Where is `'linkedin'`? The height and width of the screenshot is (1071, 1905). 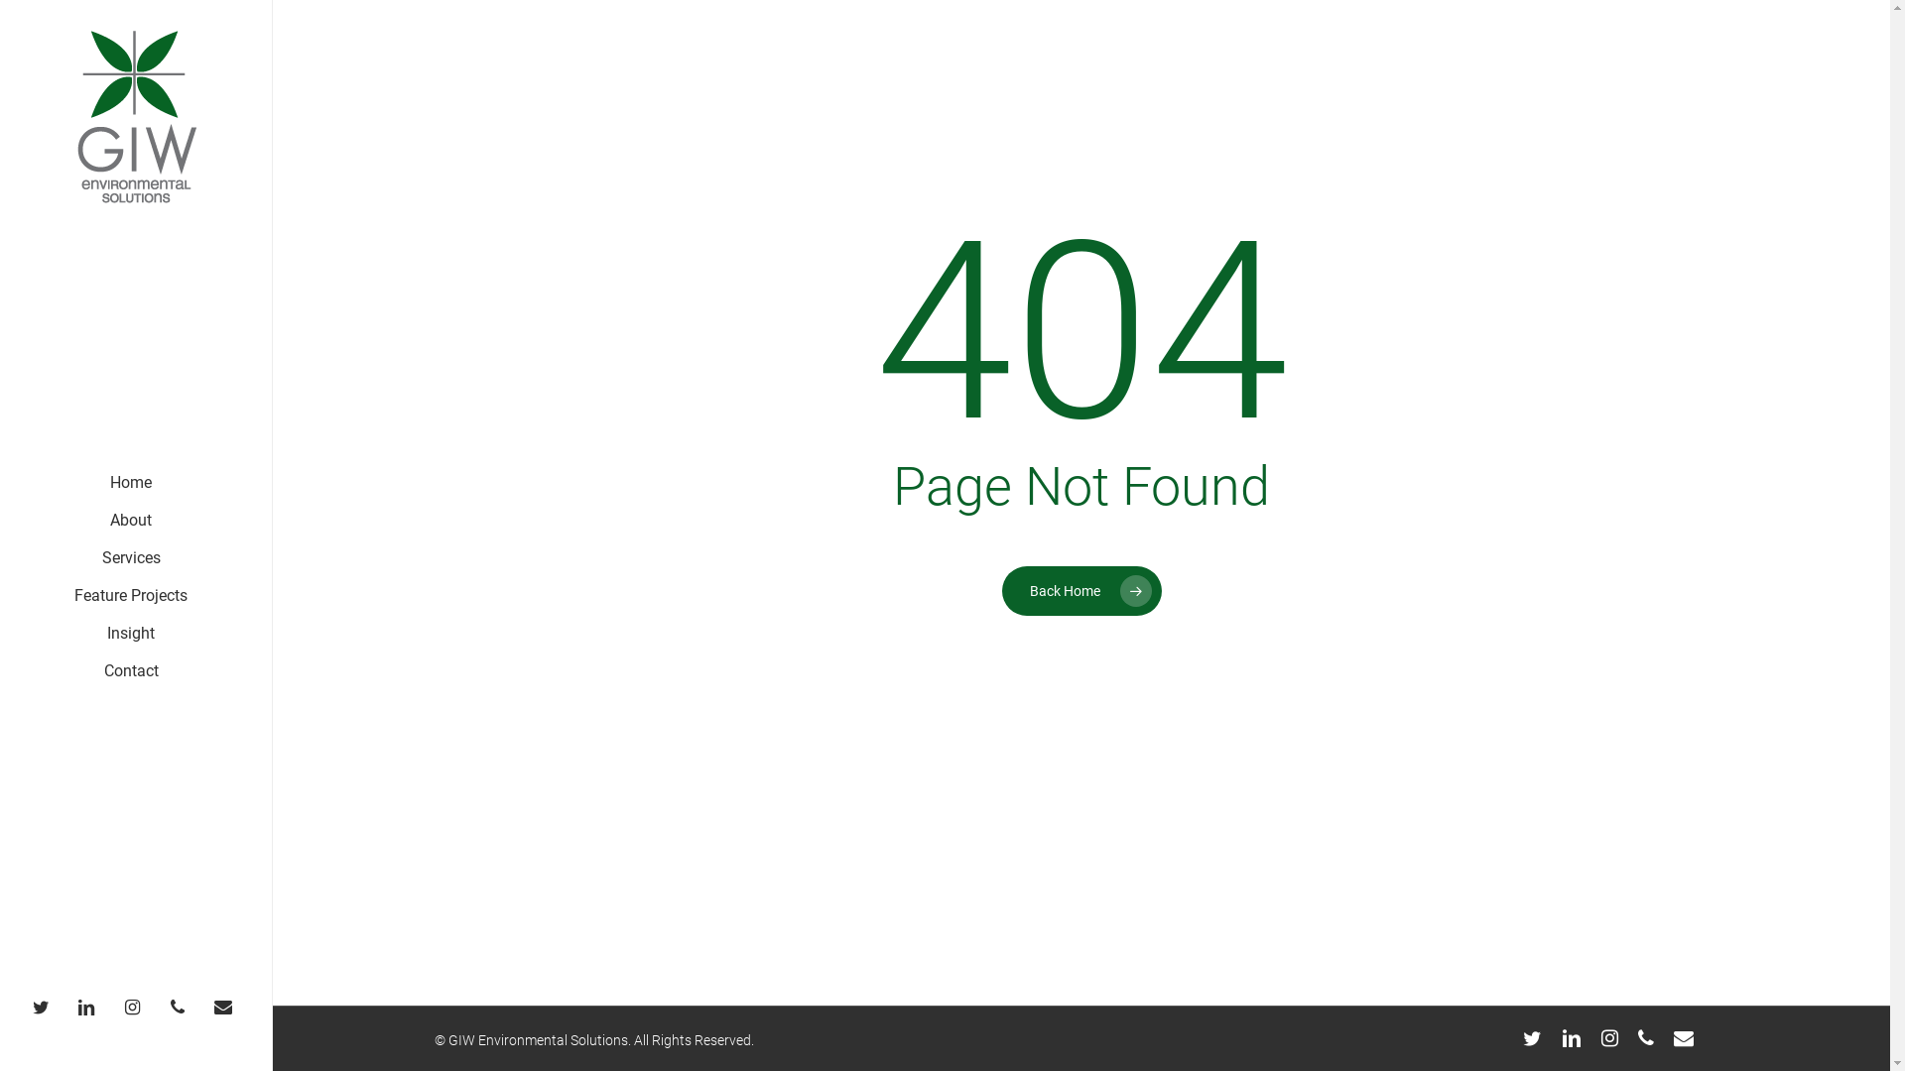
'linkedin' is located at coordinates (1571, 1036).